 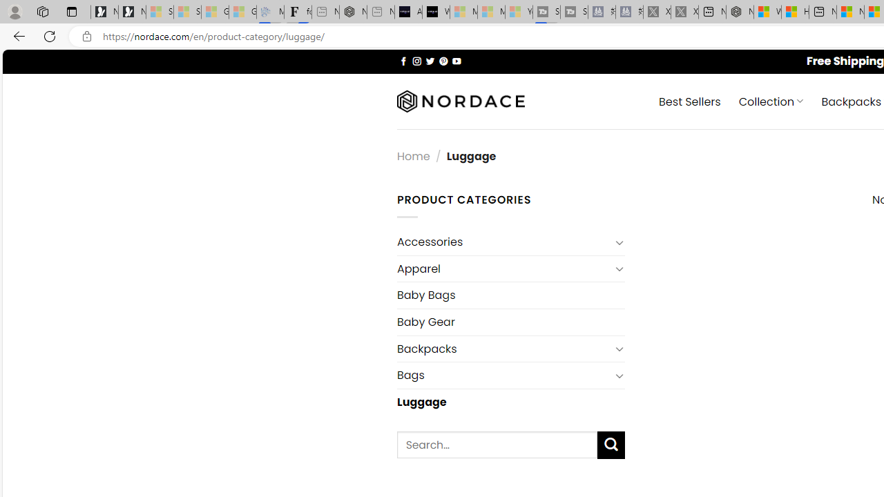 I want to click on 'Newsletter Sign Up', so click(x=132, y=12).